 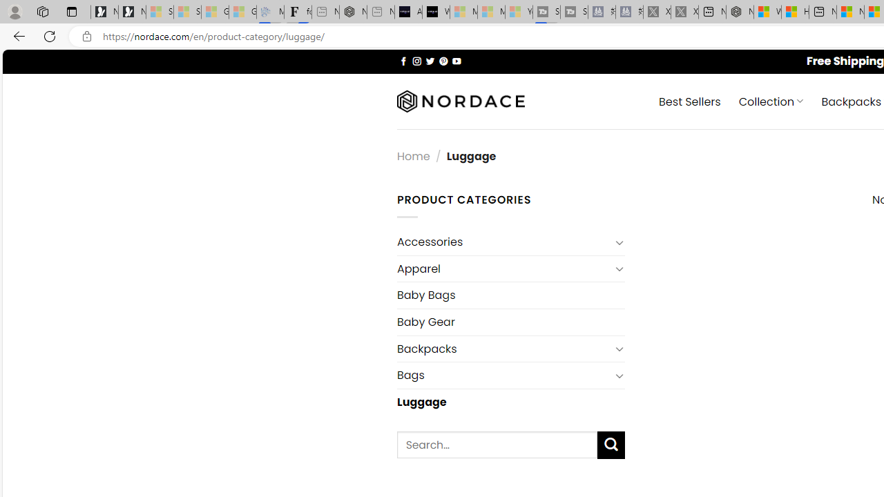 I want to click on 'Newsletter Sign Up', so click(x=132, y=12).